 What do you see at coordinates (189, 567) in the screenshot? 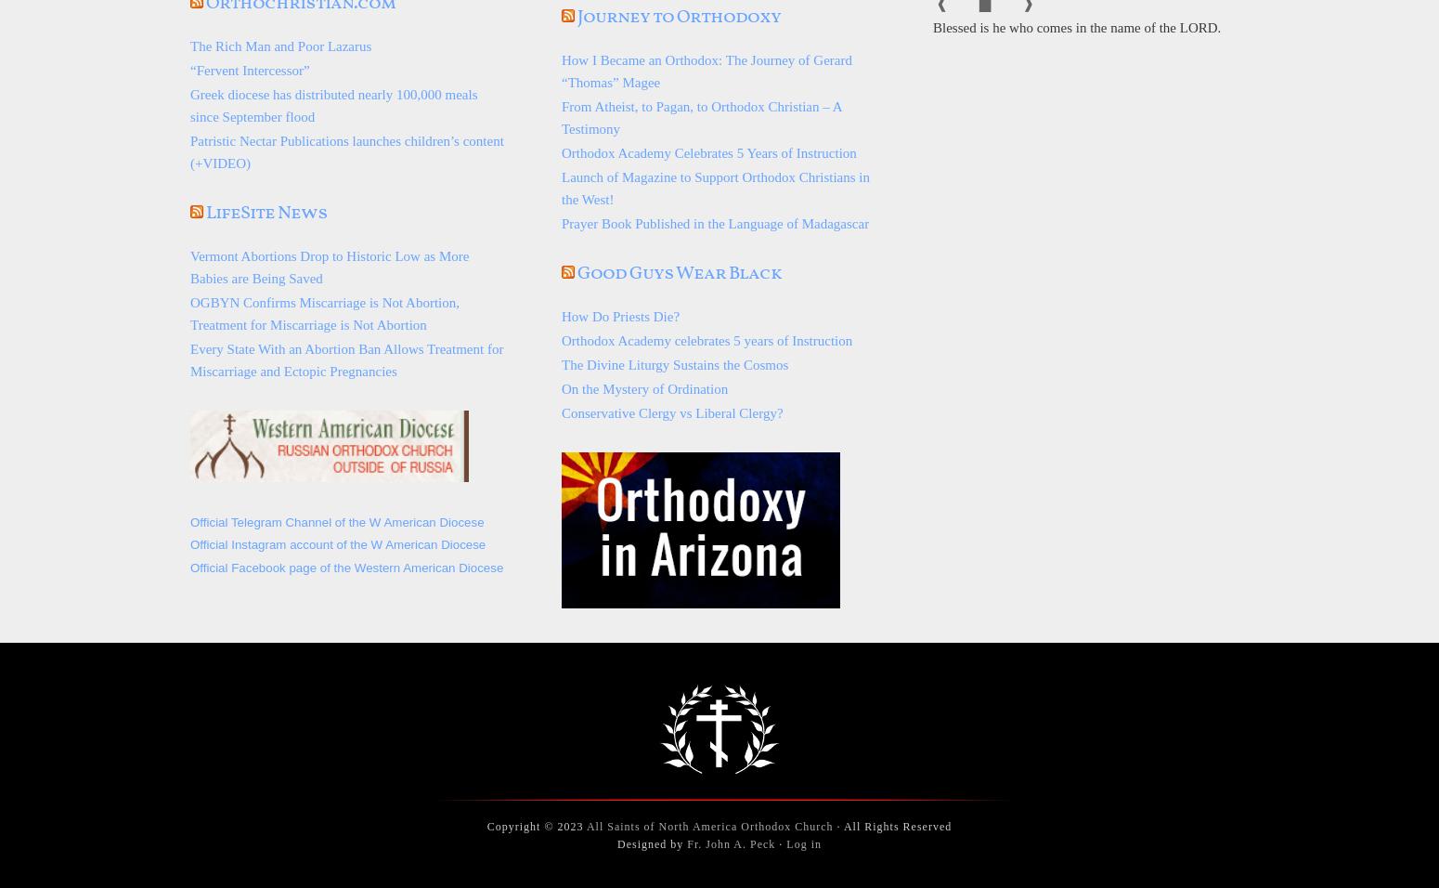
I see `'Official Facebook page of the Western American Diocese'` at bounding box center [189, 567].